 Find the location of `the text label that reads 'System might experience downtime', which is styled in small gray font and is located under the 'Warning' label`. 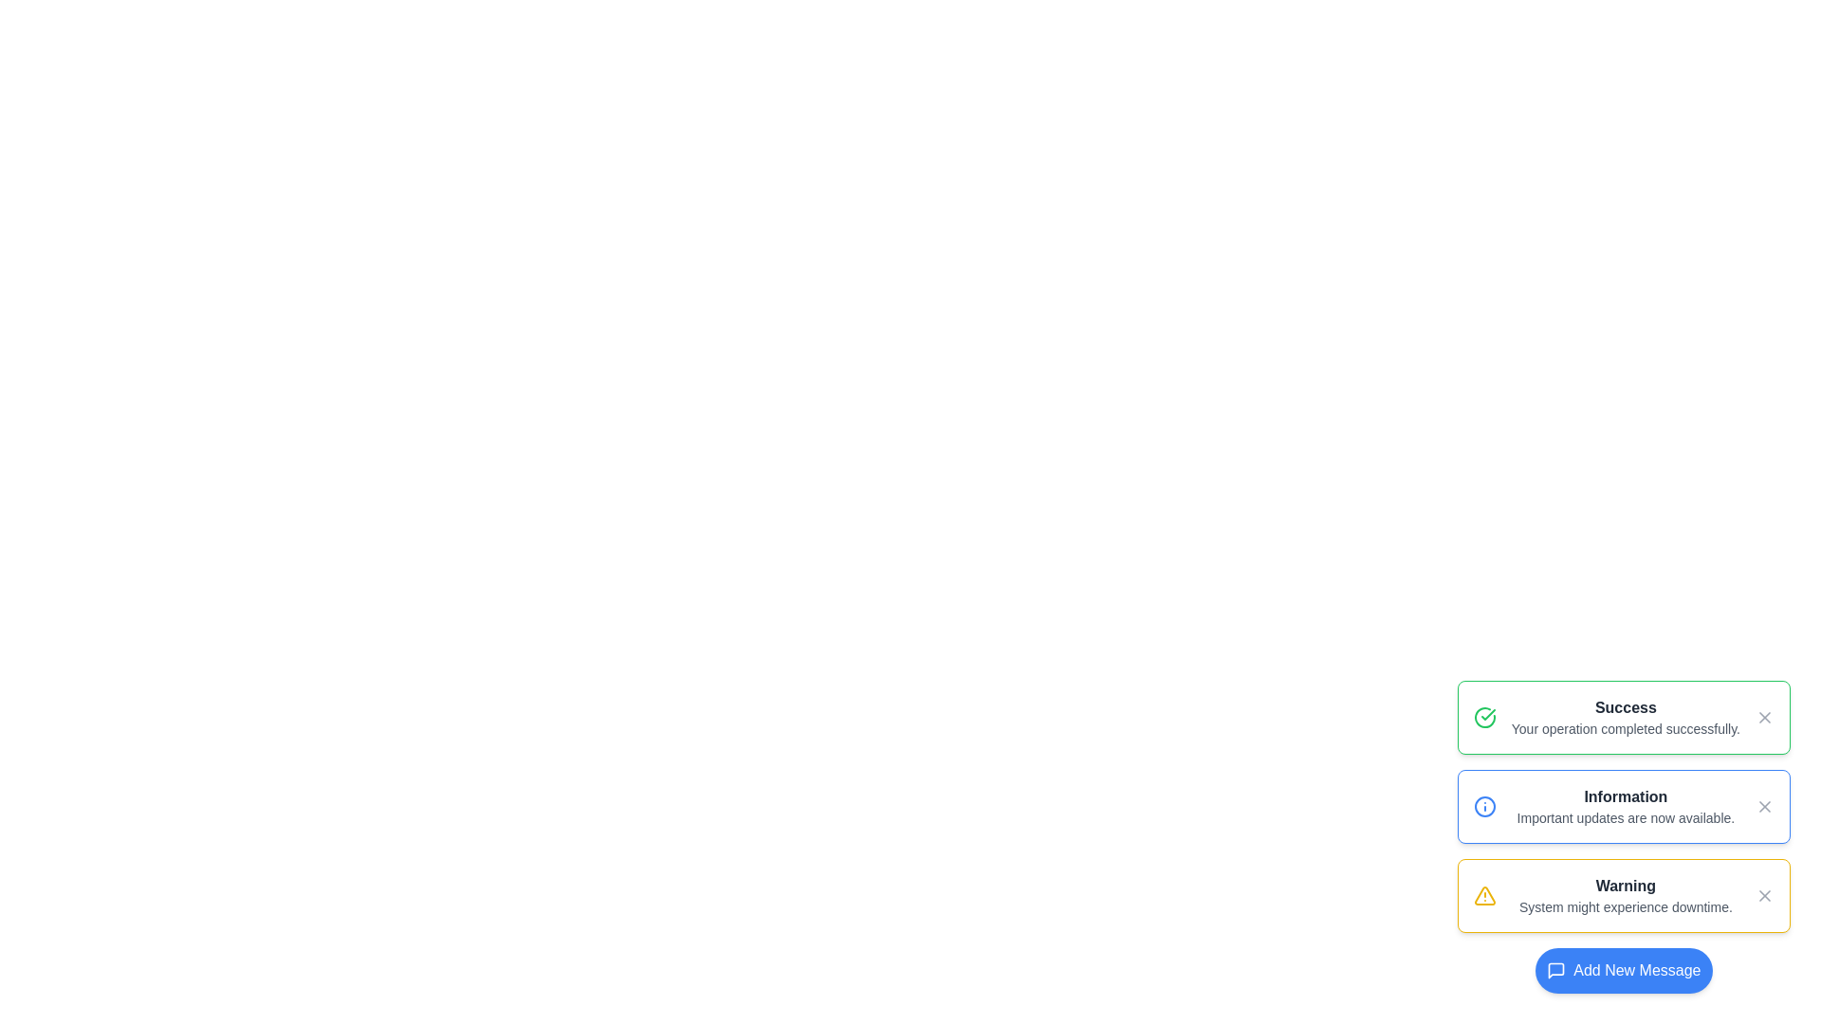

the text label that reads 'System might experience downtime', which is styled in small gray font and is located under the 'Warning' label is located at coordinates (1625, 905).